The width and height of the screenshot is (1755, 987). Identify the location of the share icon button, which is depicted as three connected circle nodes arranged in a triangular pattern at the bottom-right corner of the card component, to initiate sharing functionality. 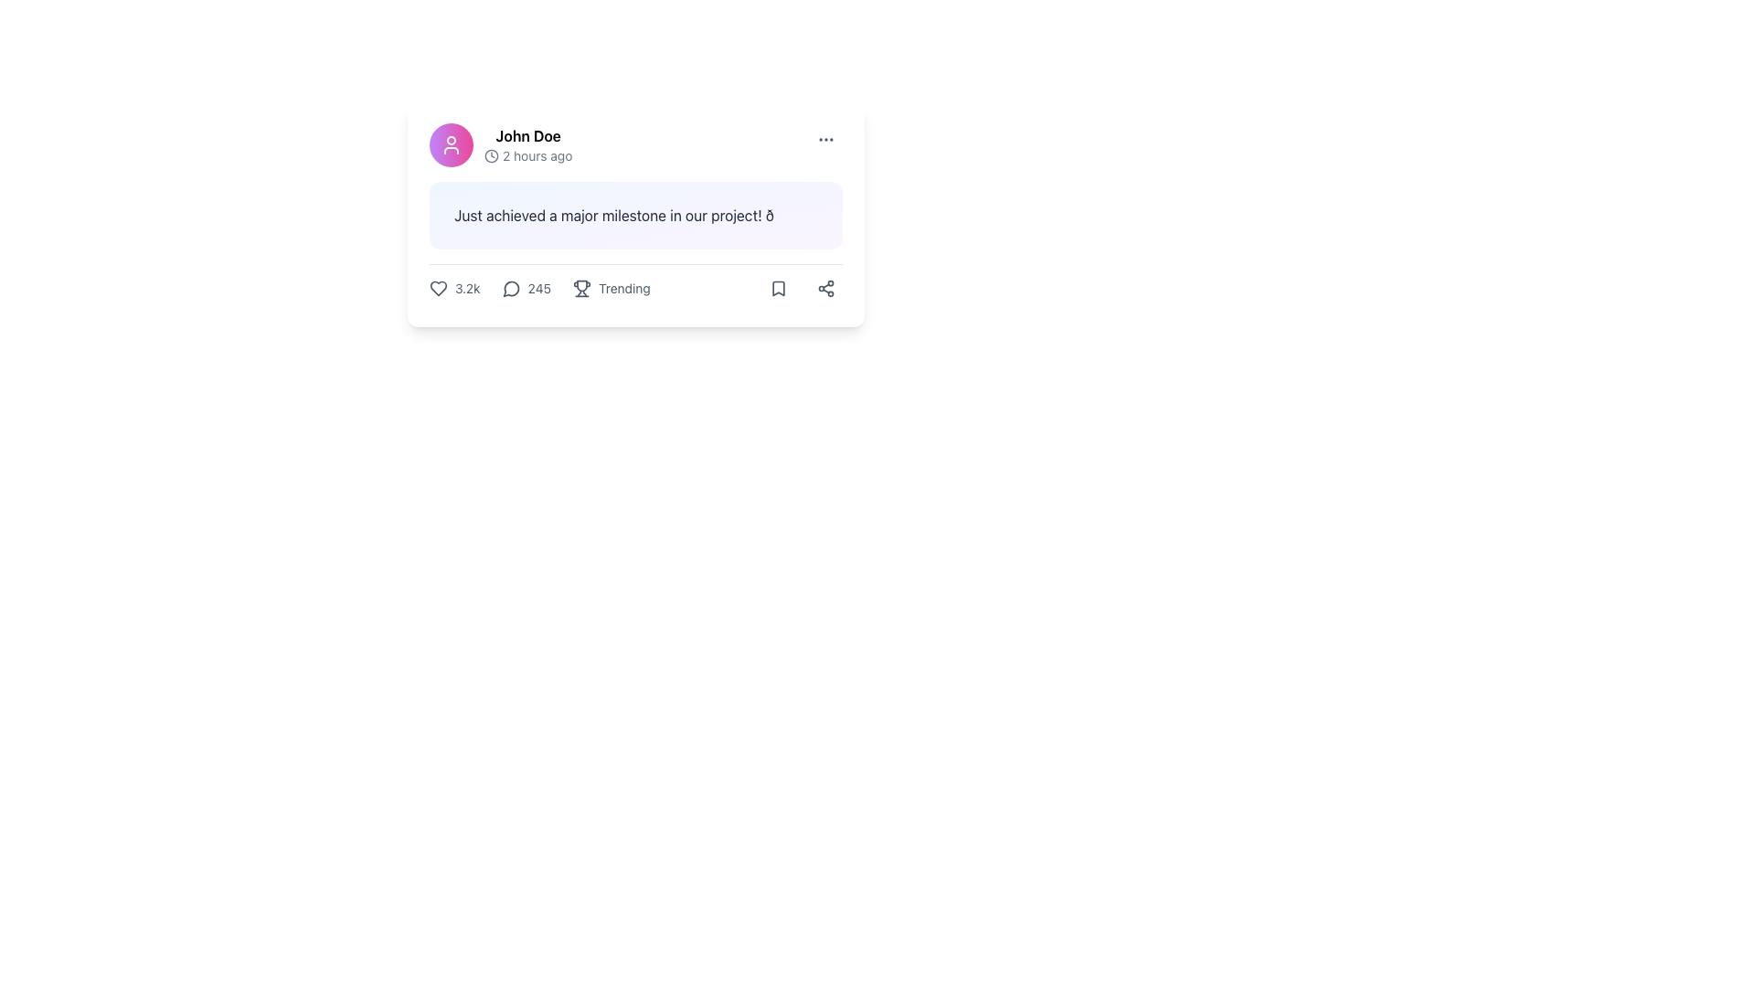
(824, 288).